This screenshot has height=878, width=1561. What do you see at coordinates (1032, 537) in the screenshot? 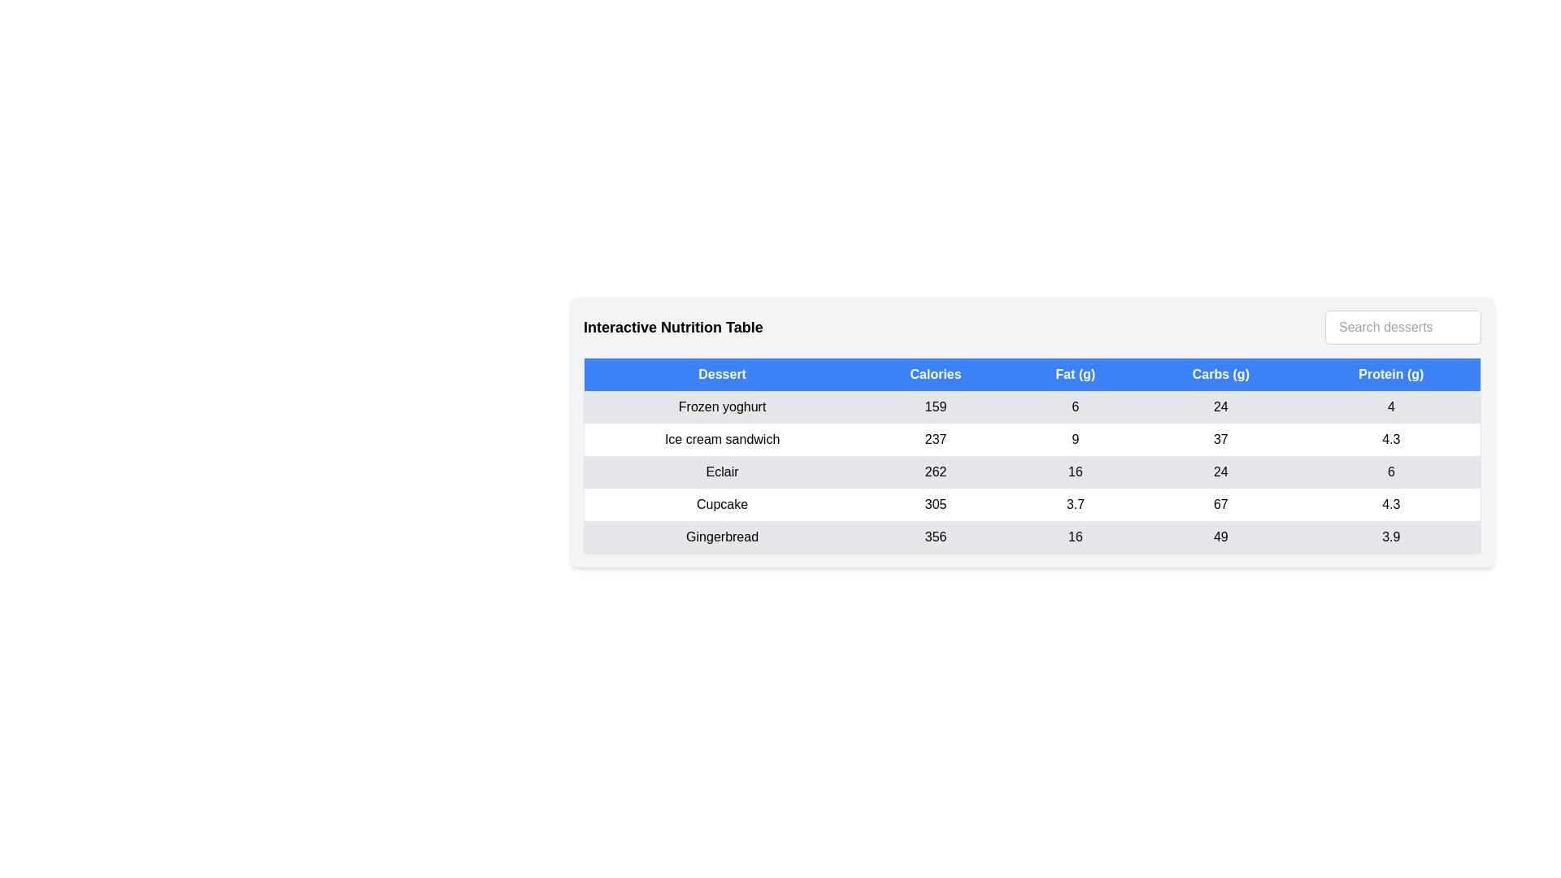
I see `the row corresponding to Gingerbread` at bounding box center [1032, 537].